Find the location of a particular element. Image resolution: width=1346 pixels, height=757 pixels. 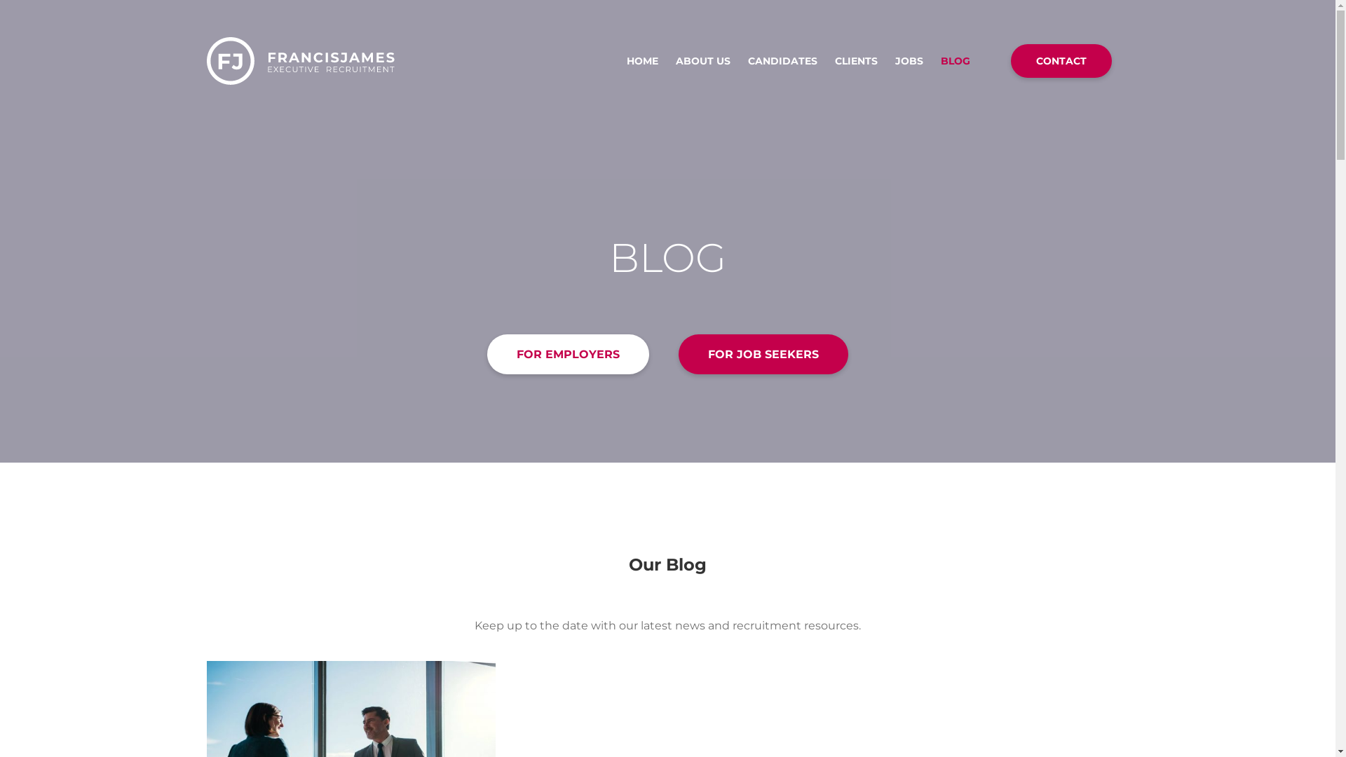

'CANDIDATES' is located at coordinates (781, 60).